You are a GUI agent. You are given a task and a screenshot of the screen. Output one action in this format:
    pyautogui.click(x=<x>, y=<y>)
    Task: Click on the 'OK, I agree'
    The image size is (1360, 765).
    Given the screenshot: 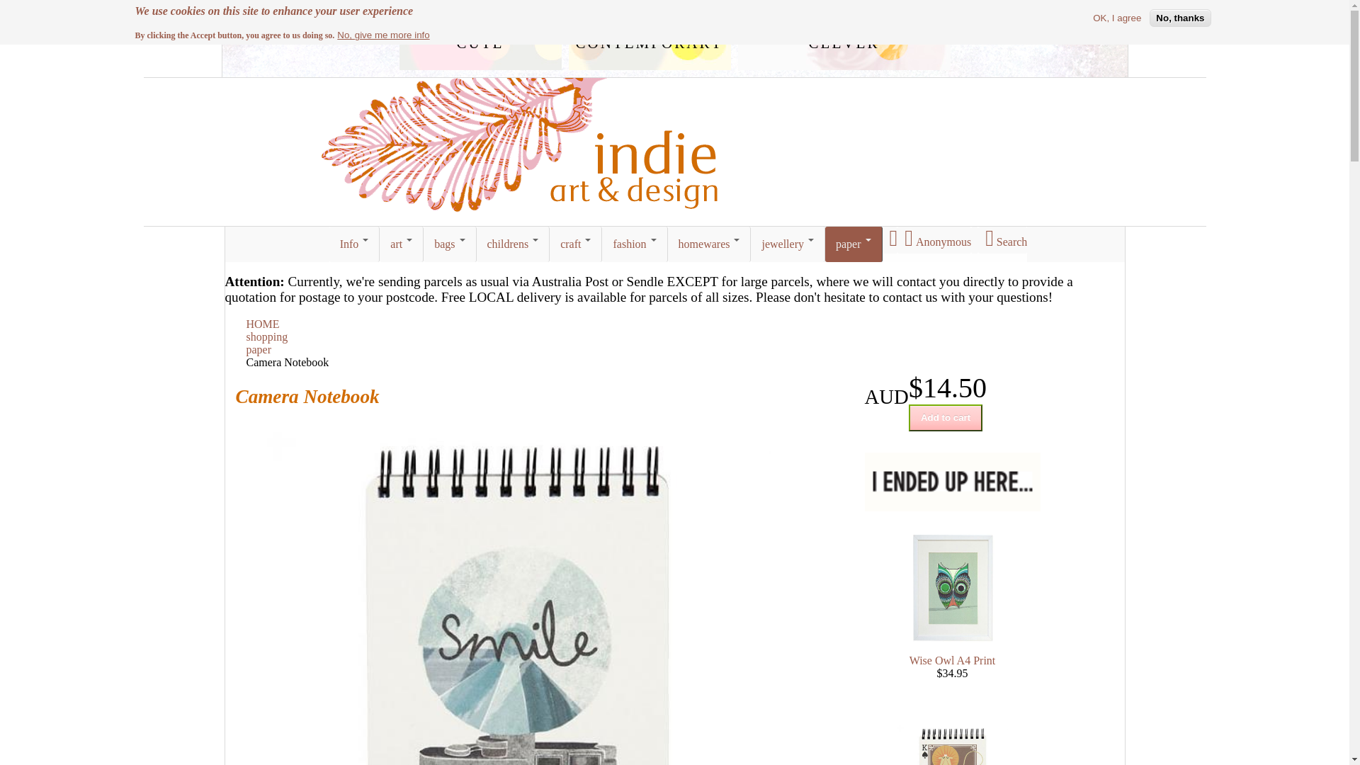 What is the action you would take?
    pyautogui.click(x=1087, y=18)
    